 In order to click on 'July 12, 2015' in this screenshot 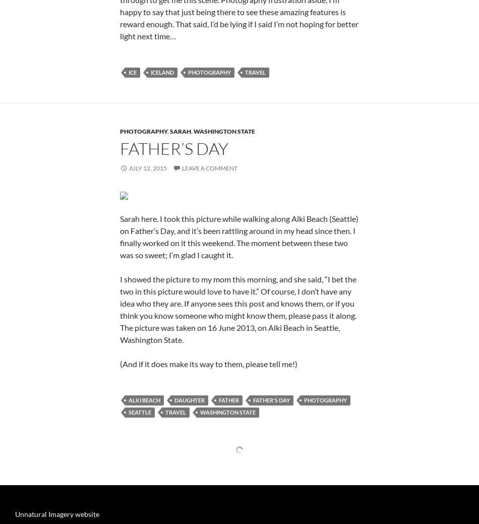, I will do `click(128, 290)`.